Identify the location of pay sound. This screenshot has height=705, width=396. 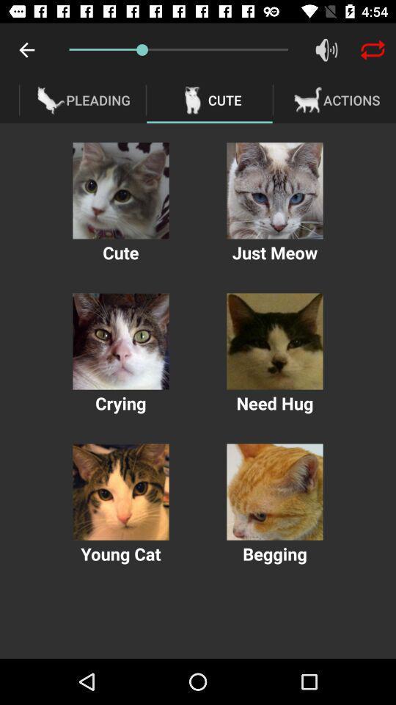
(274, 189).